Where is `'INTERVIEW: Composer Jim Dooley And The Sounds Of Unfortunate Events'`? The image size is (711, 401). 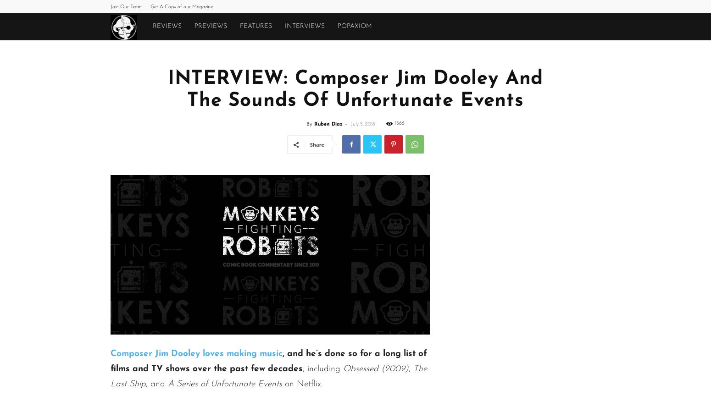
'INTERVIEW: Composer Jim Dooley And The Sounds Of Unfortunate Events' is located at coordinates (355, 90).